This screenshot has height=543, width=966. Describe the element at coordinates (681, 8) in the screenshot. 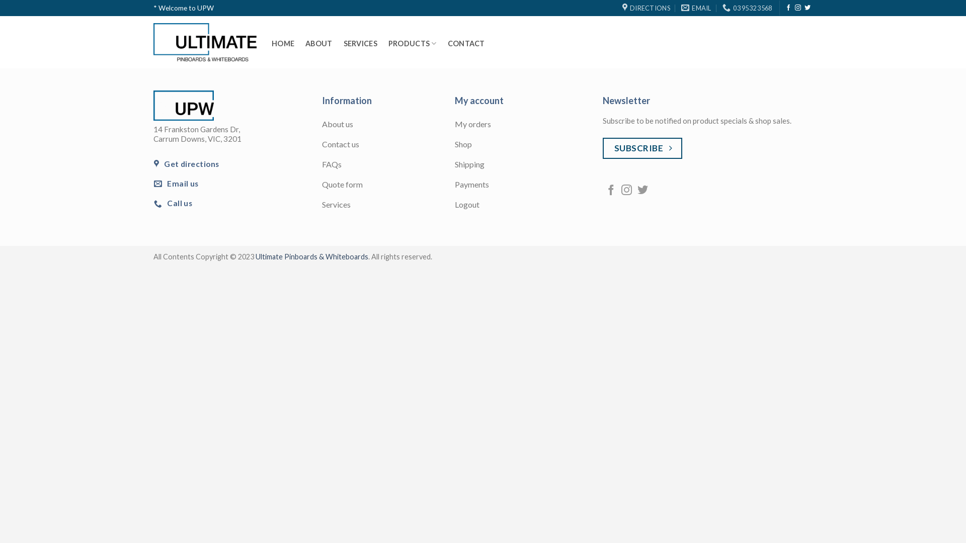

I see `'EMAIL'` at that location.